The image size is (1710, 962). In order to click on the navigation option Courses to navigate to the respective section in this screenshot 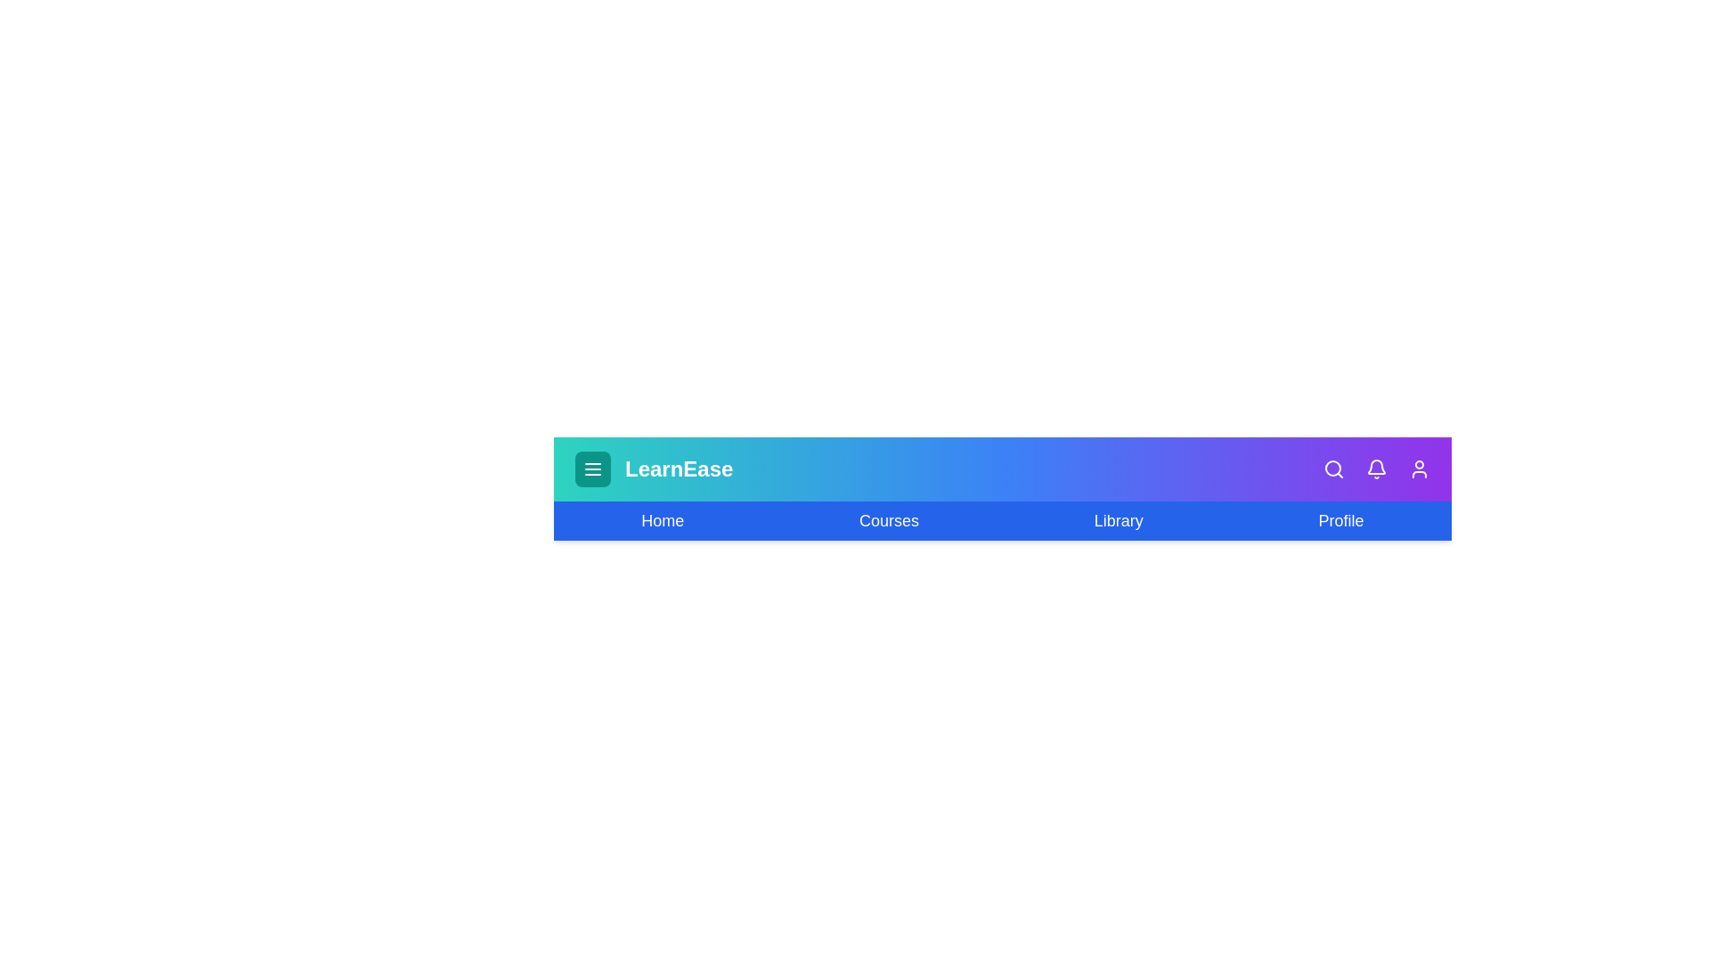, I will do `click(889, 521)`.